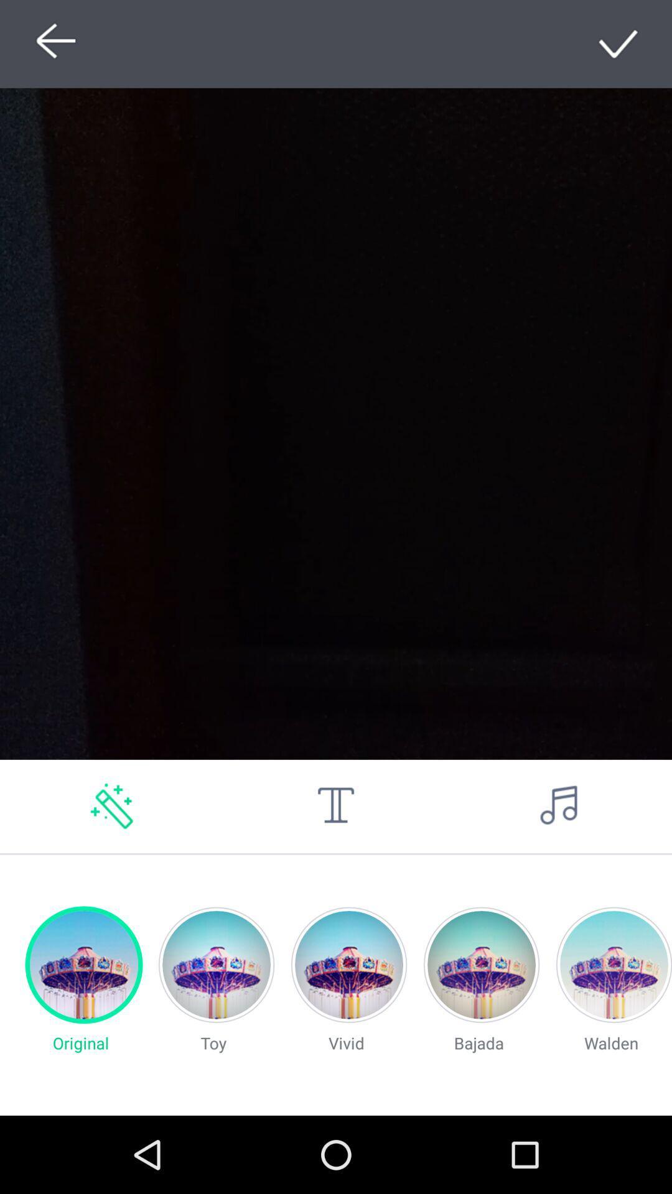  Describe the element at coordinates (559, 806) in the screenshot. I see `music option` at that location.